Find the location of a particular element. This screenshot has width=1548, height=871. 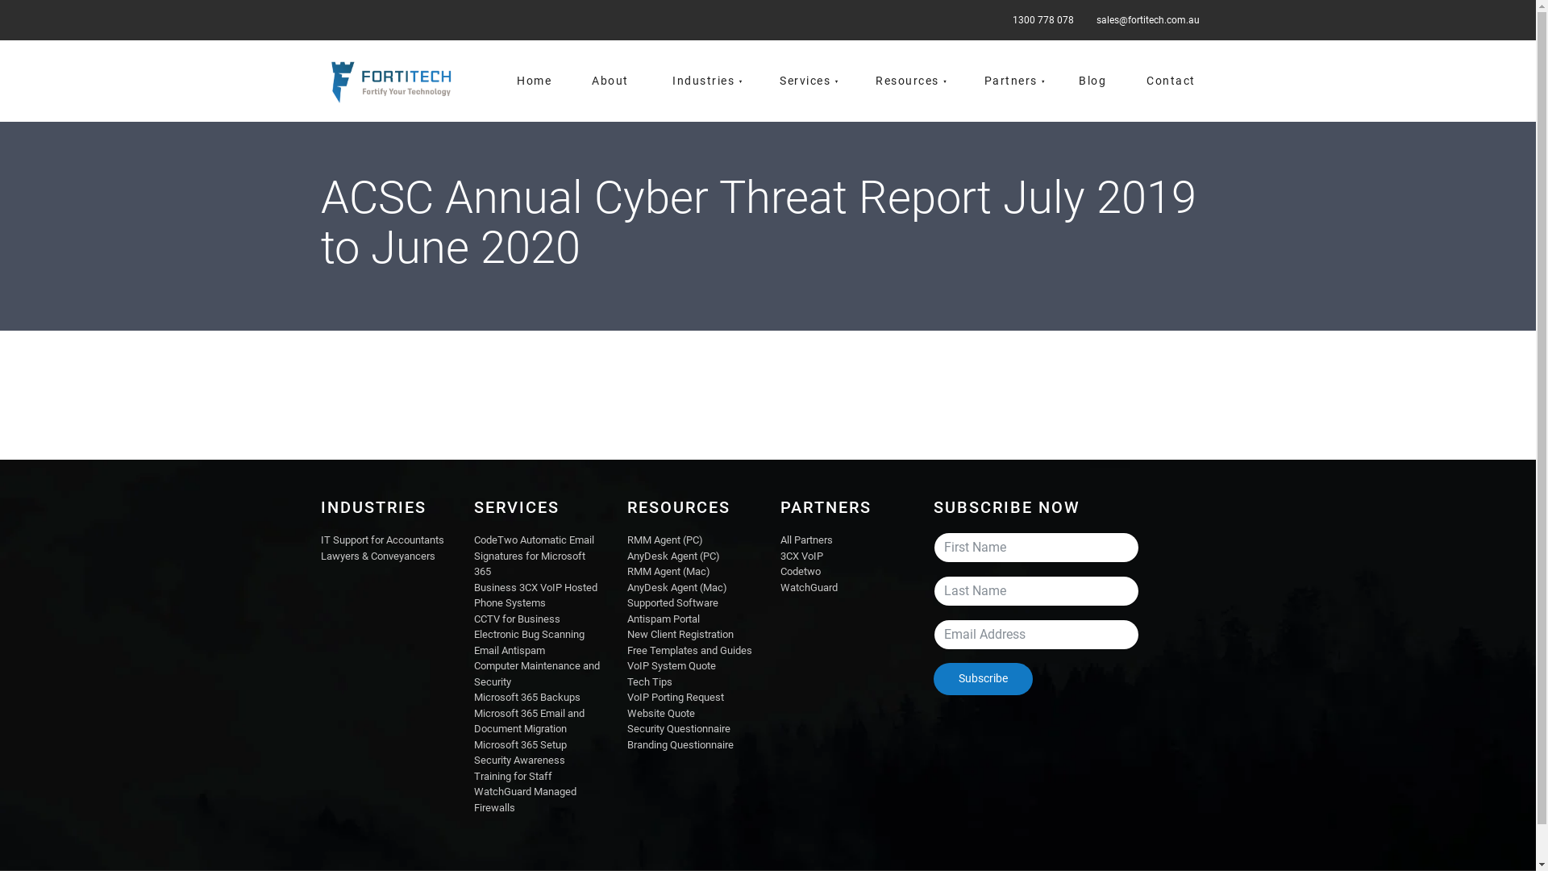

'Branding Questionnaire' is located at coordinates (680, 744).